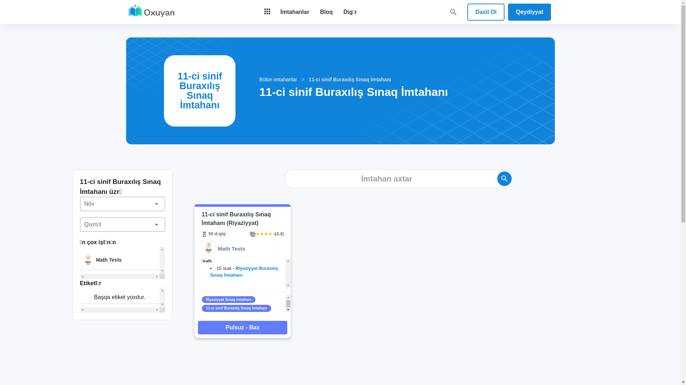 The image size is (686, 385). What do you see at coordinates (80, 260) in the screenshot?
I see `'Math Tests'` at bounding box center [80, 260].